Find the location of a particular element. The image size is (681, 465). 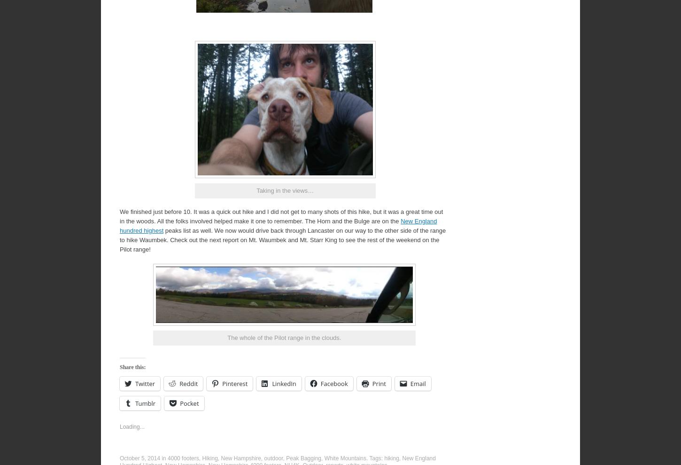

'Twitter' is located at coordinates (145, 383).